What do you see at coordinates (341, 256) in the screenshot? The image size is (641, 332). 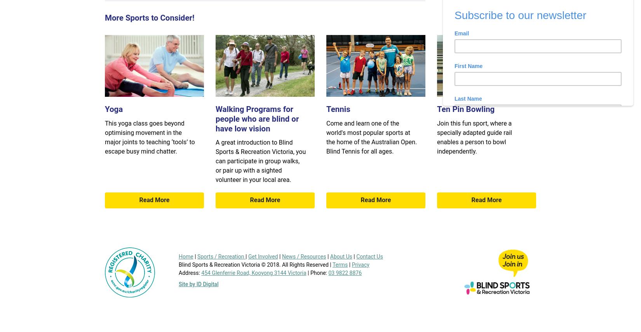 I see `'About Us'` at bounding box center [341, 256].